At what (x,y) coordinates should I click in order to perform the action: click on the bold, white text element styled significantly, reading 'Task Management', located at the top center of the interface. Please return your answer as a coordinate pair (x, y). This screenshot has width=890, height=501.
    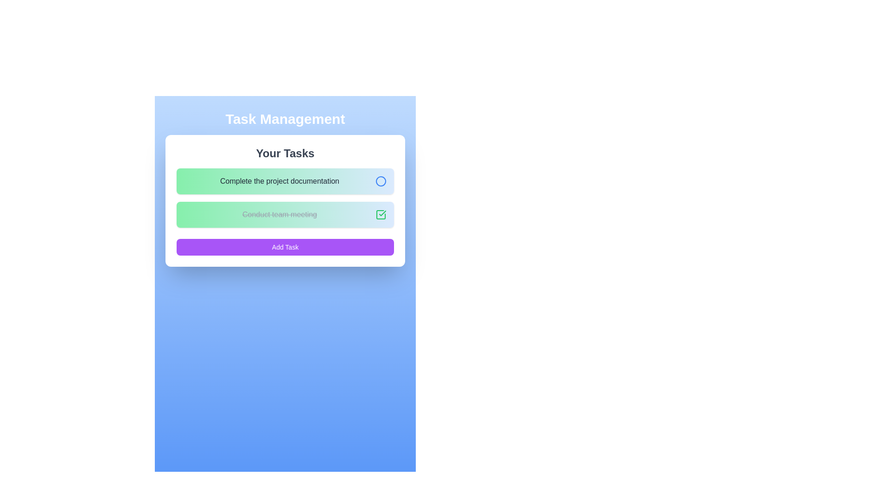
    Looking at the image, I should click on (285, 119).